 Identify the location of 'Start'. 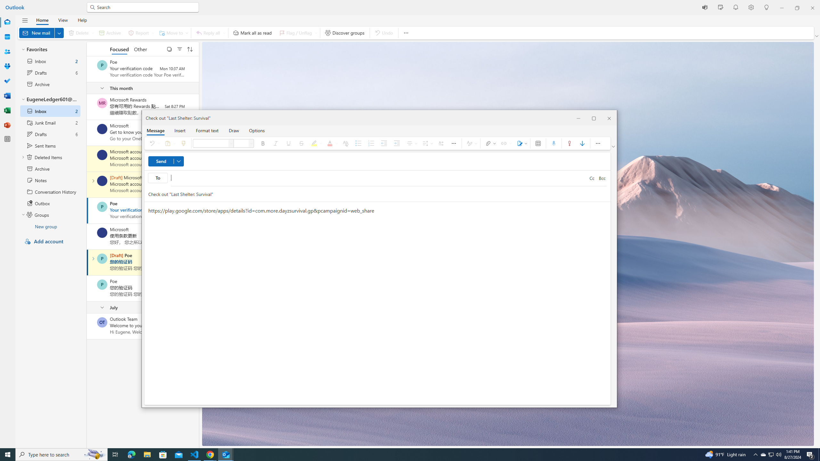
(8, 454).